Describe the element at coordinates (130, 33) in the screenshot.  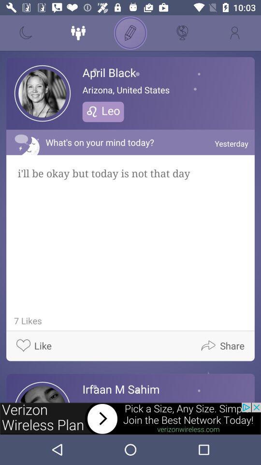
I see `type the message` at that location.